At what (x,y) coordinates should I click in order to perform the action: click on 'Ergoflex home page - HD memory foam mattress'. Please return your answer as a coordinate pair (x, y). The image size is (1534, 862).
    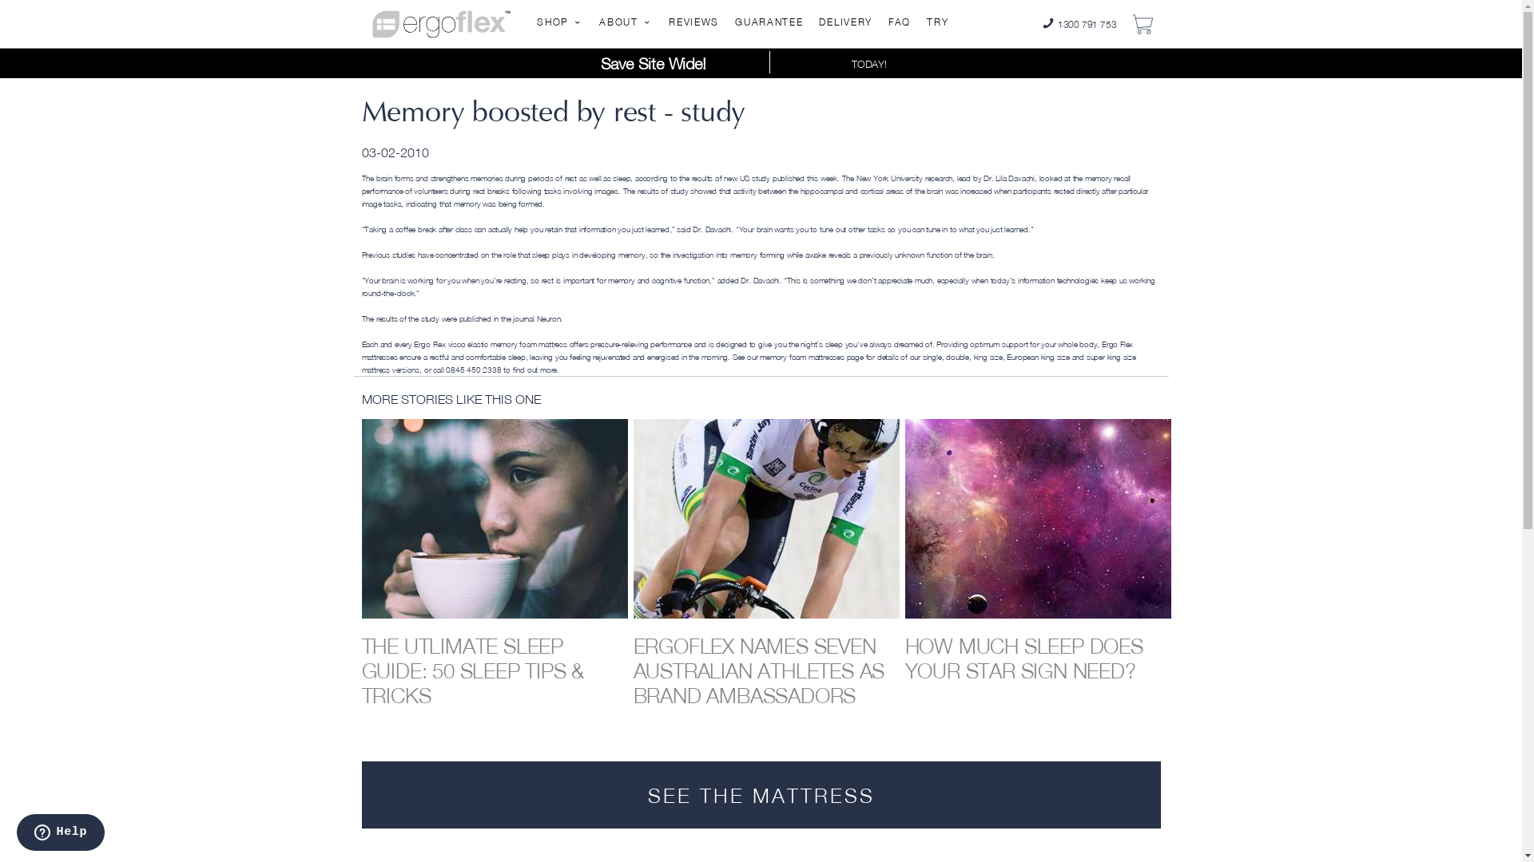
    Looking at the image, I should click on (441, 22).